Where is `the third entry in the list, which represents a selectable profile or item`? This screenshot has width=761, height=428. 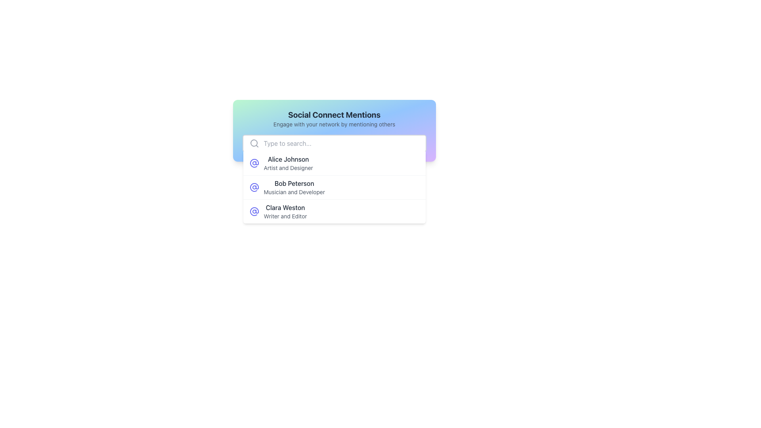 the third entry in the list, which represents a selectable profile or item is located at coordinates (334, 211).